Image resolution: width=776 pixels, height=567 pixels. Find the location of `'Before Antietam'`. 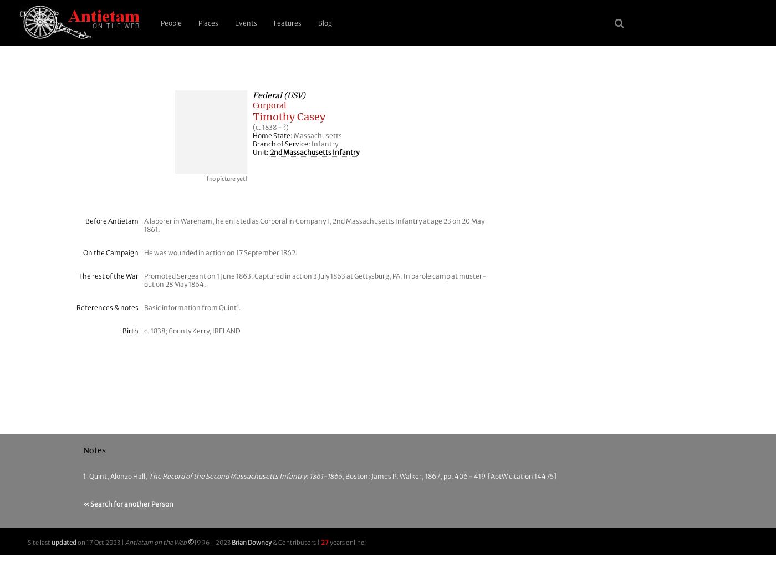

'Before Antietam' is located at coordinates (112, 220).